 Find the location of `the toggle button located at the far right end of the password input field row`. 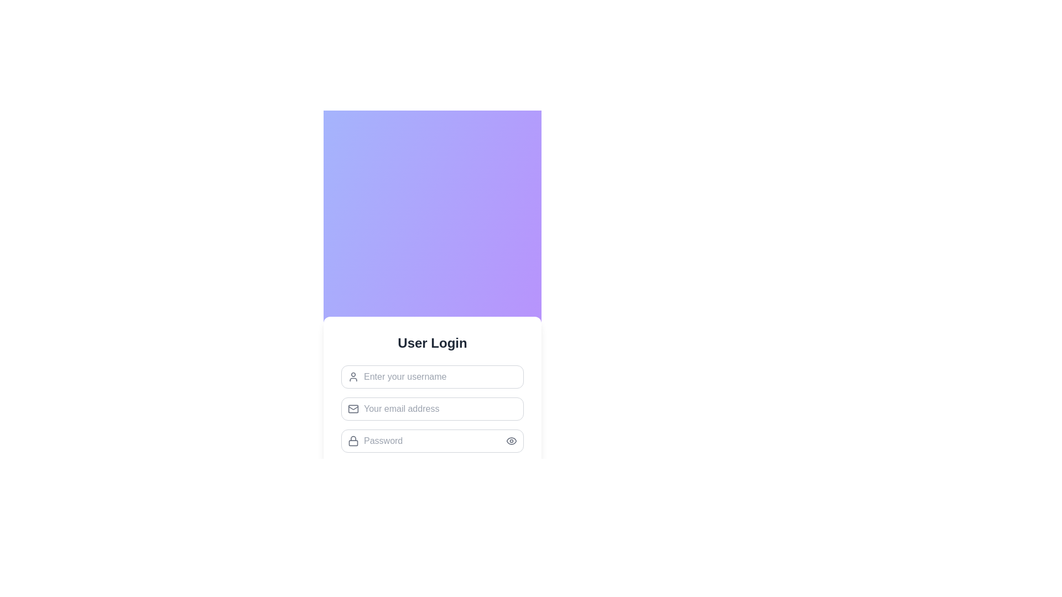

the toggle button located at the far right end of the password input field row is located at coordinates (511, 441).